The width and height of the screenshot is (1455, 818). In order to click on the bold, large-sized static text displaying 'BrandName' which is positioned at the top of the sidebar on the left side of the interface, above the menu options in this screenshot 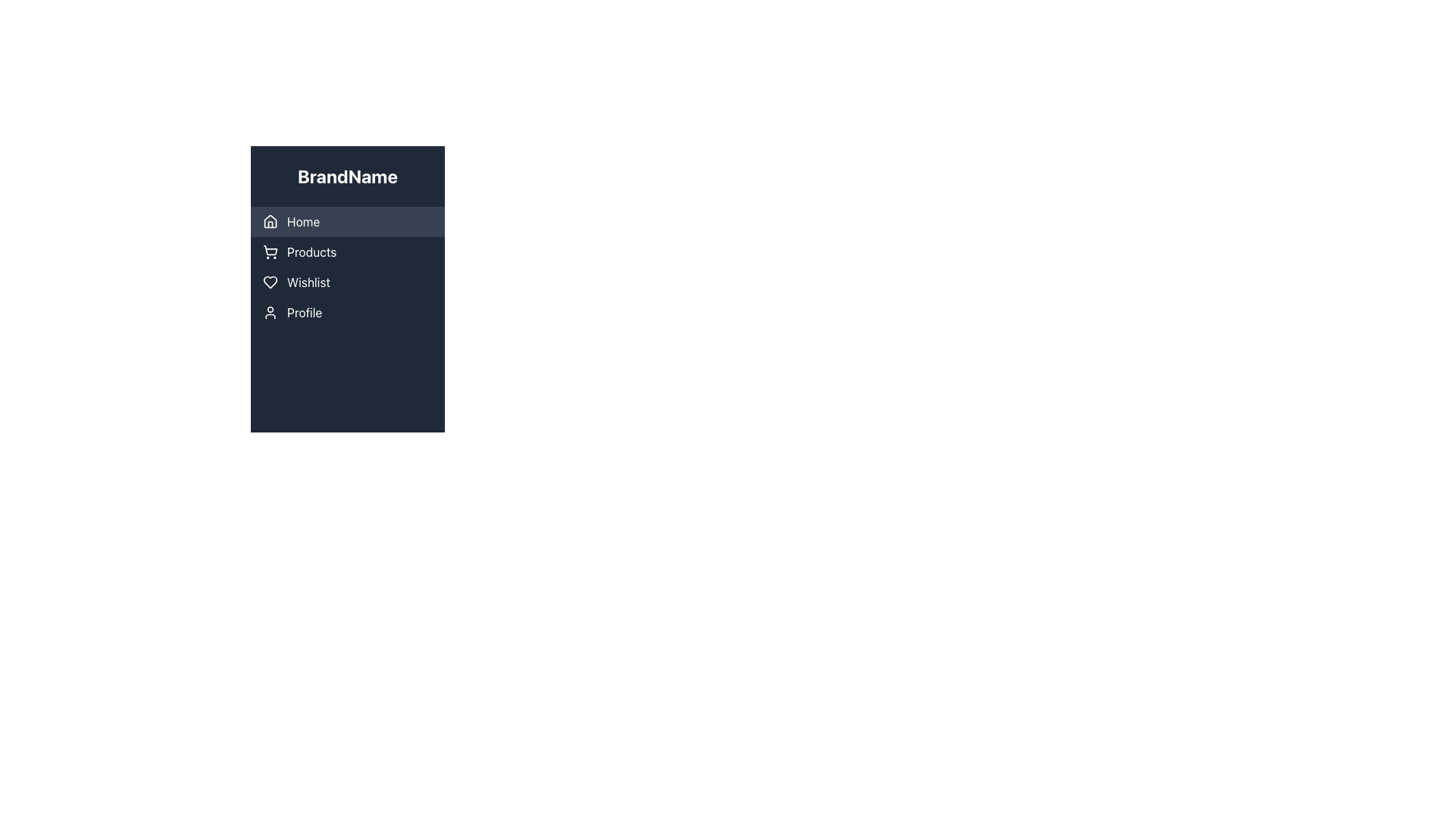, I will do `click(347, 175)`.